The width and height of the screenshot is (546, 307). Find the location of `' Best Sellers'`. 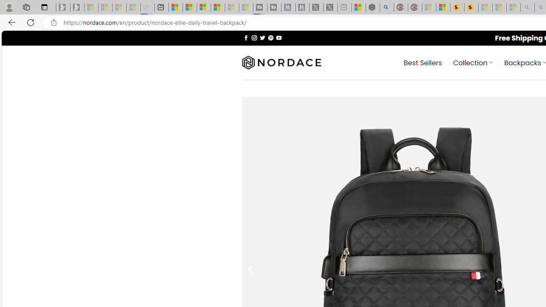

' Best Sellers' is located at coordinates (423, 62).